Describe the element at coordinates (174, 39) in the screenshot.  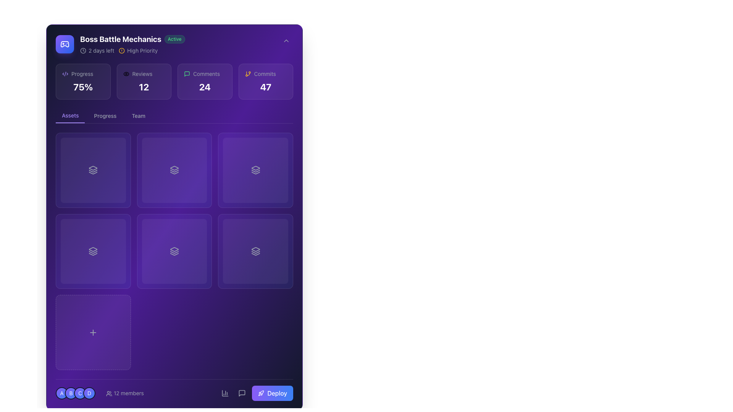
I see `the label that displays the status 'Active', which is located to the right of the text 'Boss Battle Mechanics'` at that location.